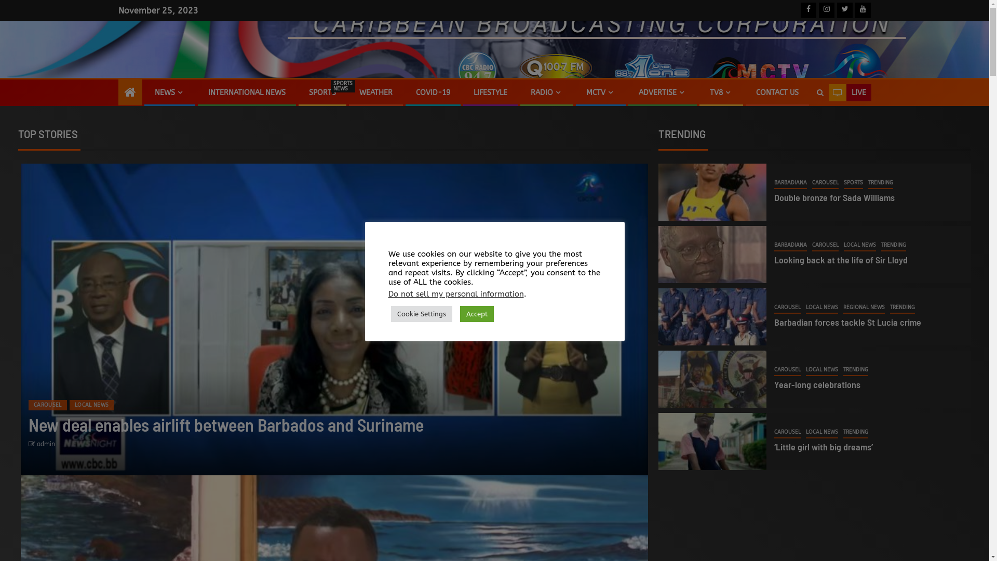 The height and width of the screenshot is (561, 997). Describe the element at coordinates (780, 124) in the screenshot. I see `'Search'` at that location.